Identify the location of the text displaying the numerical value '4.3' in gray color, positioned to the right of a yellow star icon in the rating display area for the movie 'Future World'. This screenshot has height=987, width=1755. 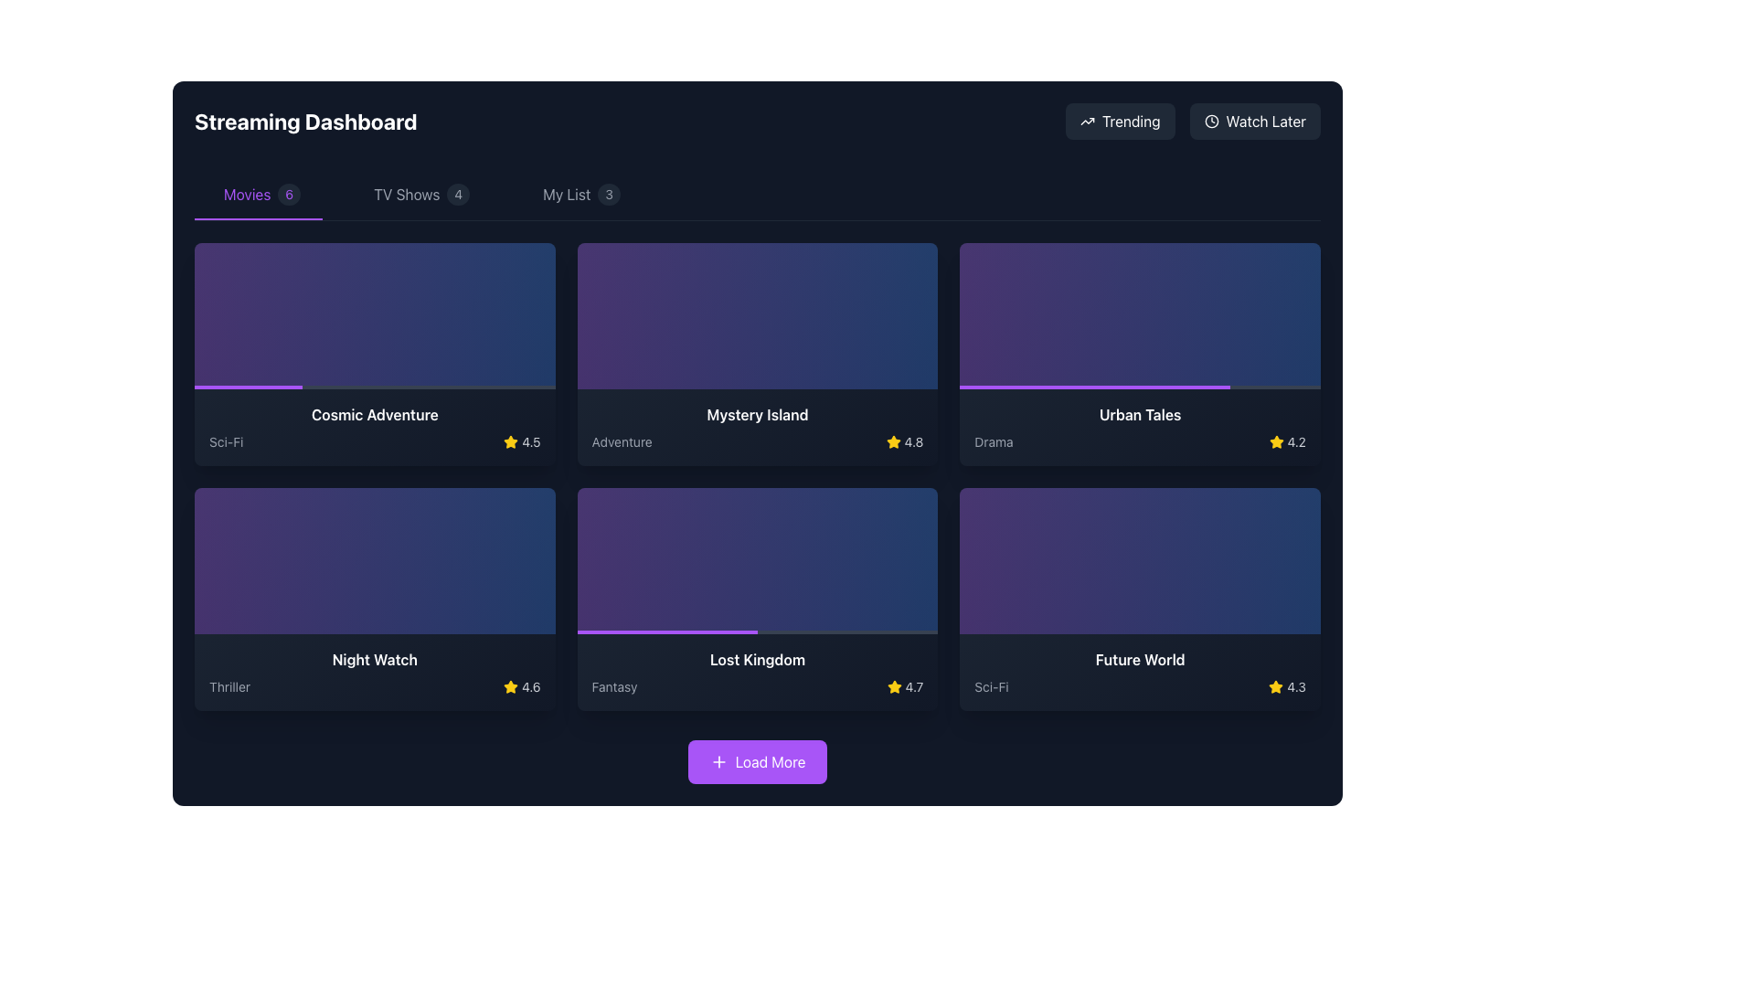
(1295, 687).